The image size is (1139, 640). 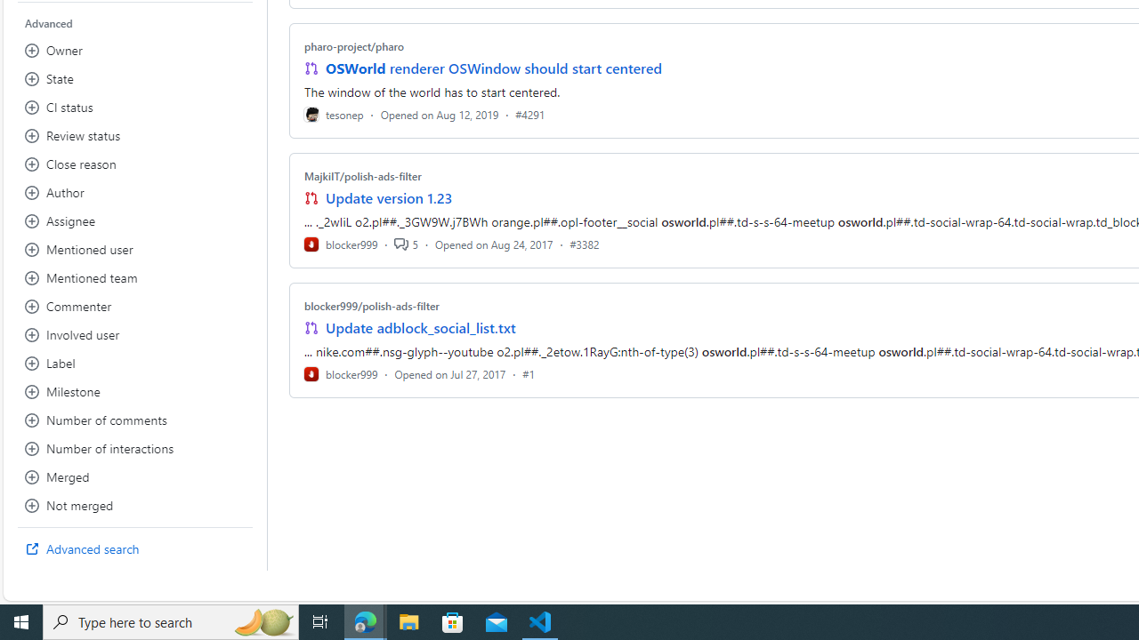 I want to click on 'blocker999', so click(x=341, y=372).